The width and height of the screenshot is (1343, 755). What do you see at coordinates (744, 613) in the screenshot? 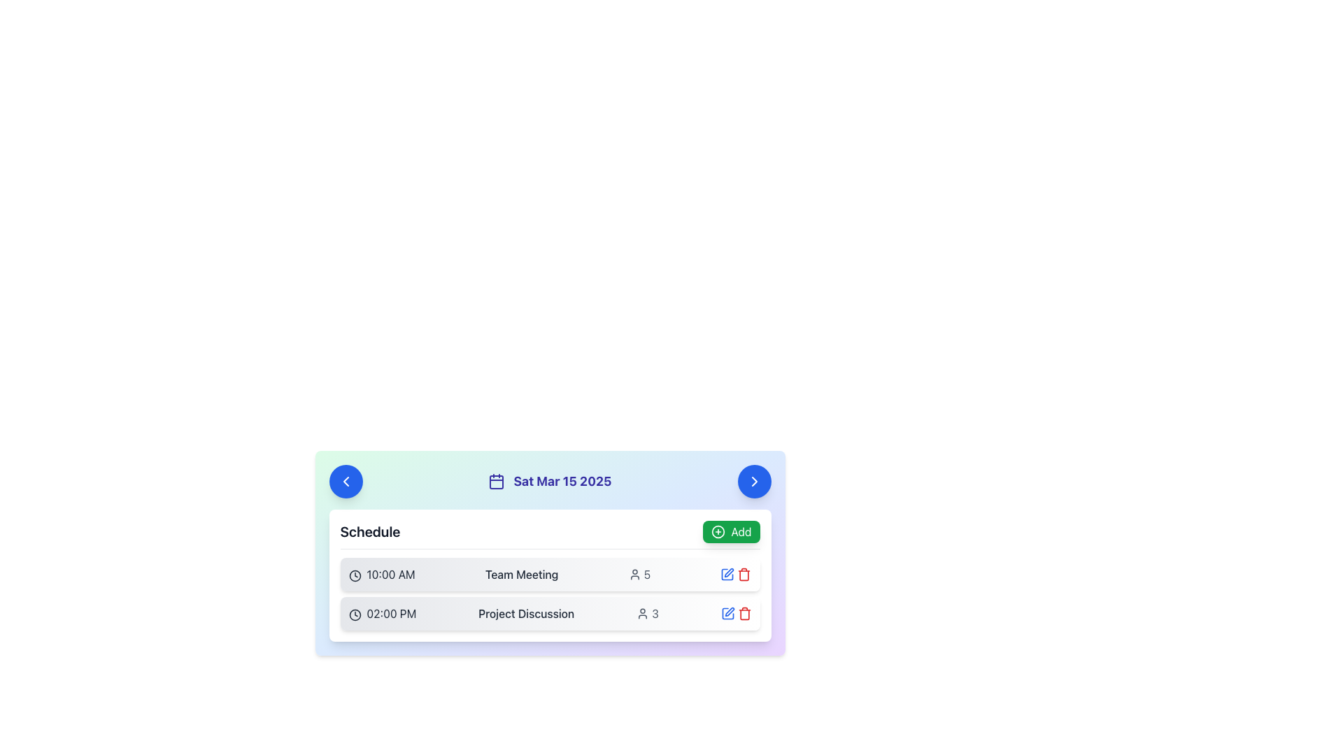
I see `the red trash can icon located on the right side of the second row` at bounding box center [744, 613].